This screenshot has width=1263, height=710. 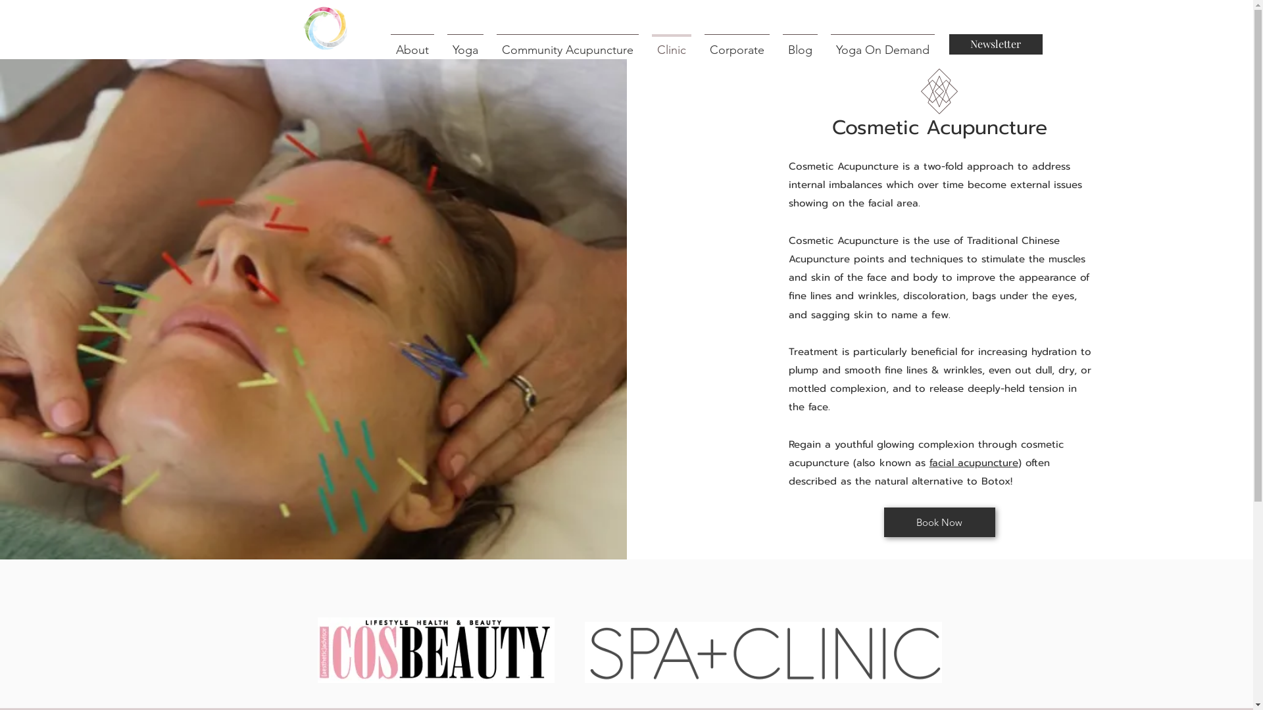 I want to click on 'Blog', so click(x=799, y=43).